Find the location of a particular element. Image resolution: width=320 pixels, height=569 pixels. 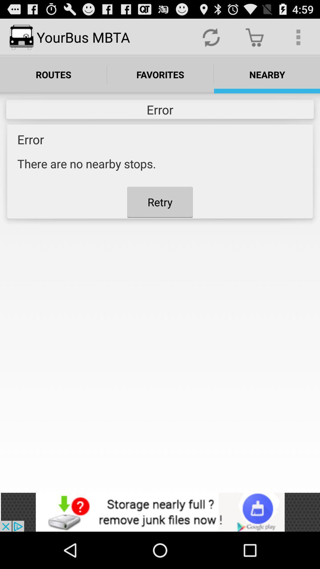

refresh button is located at coordinates (211, 37).